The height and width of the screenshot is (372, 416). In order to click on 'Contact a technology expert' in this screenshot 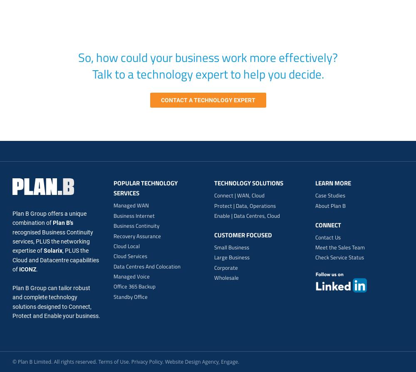, I will do `click(161, 100)`.